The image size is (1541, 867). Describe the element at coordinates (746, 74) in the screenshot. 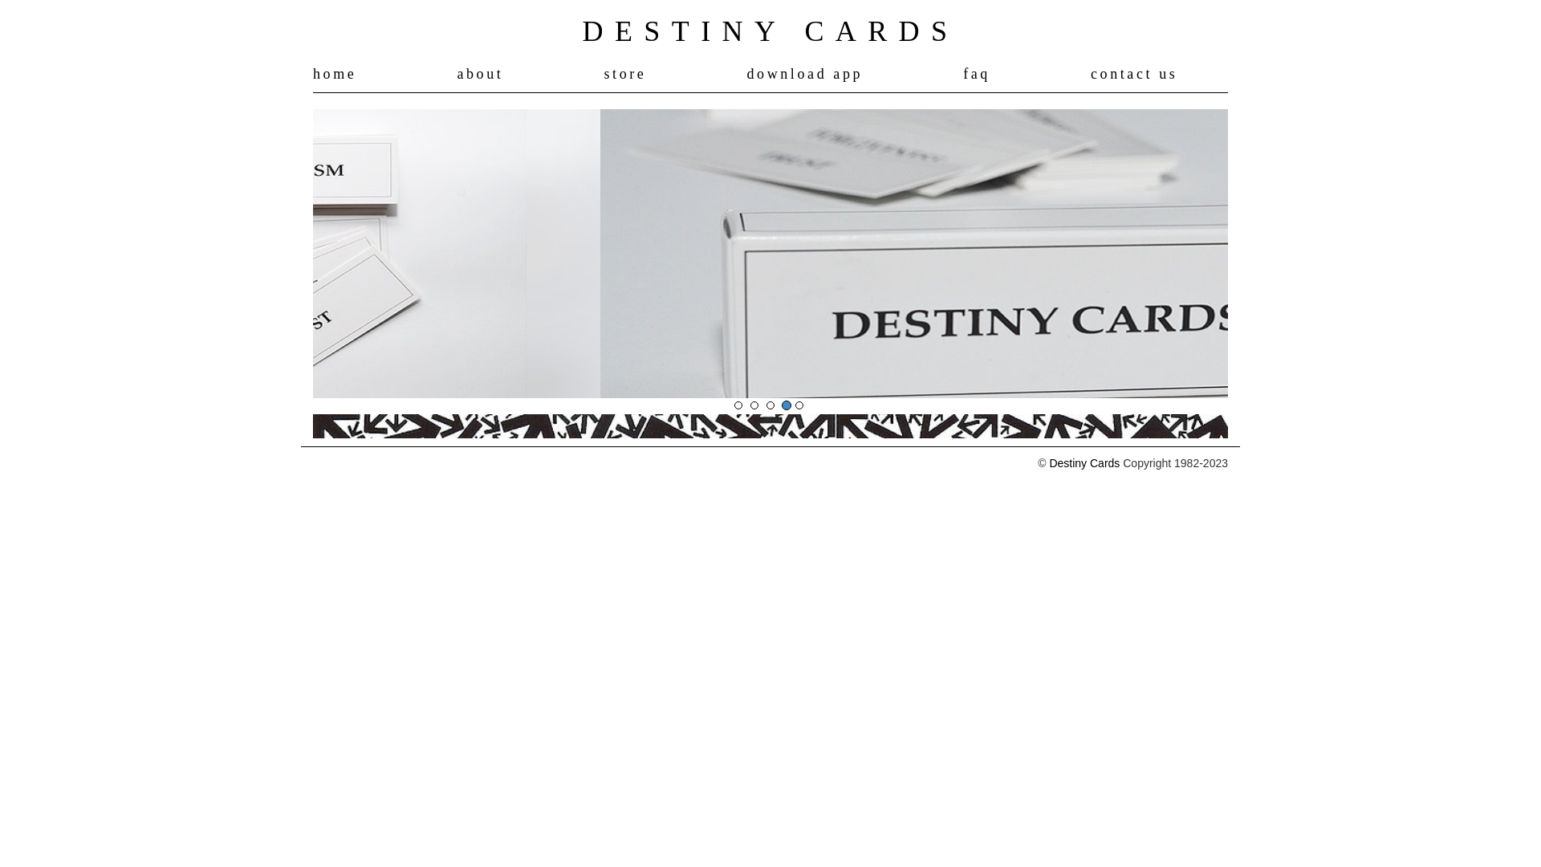

I see `'download app'` at that location.